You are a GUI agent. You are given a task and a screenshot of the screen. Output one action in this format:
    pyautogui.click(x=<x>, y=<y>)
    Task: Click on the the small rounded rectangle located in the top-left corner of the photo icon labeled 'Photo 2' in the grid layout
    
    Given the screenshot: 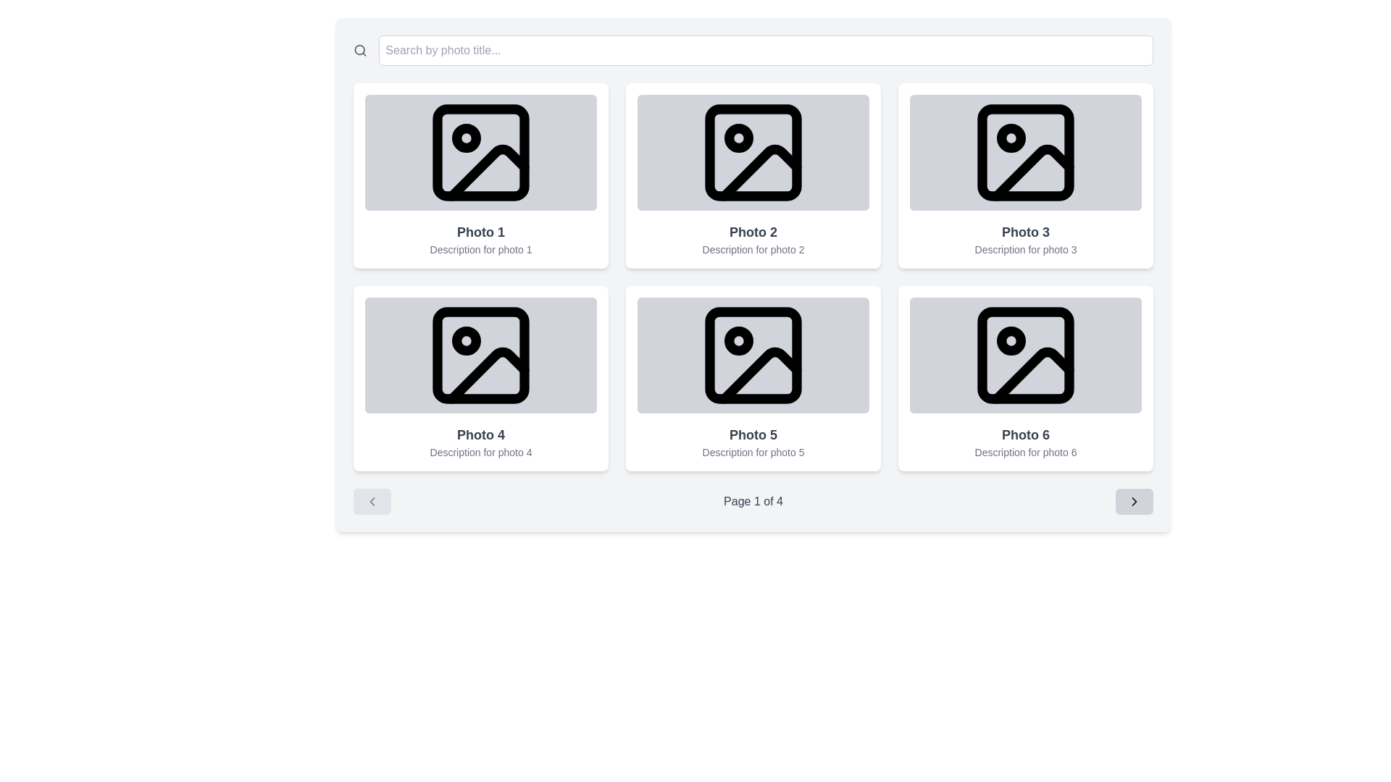 What is the action you would take?
    pyautogui.click(x=753, y=153)
    